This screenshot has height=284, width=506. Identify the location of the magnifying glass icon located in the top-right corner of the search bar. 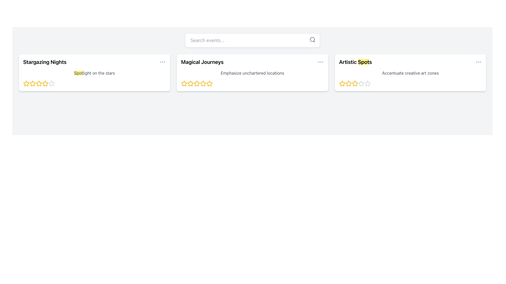
(312, 39).